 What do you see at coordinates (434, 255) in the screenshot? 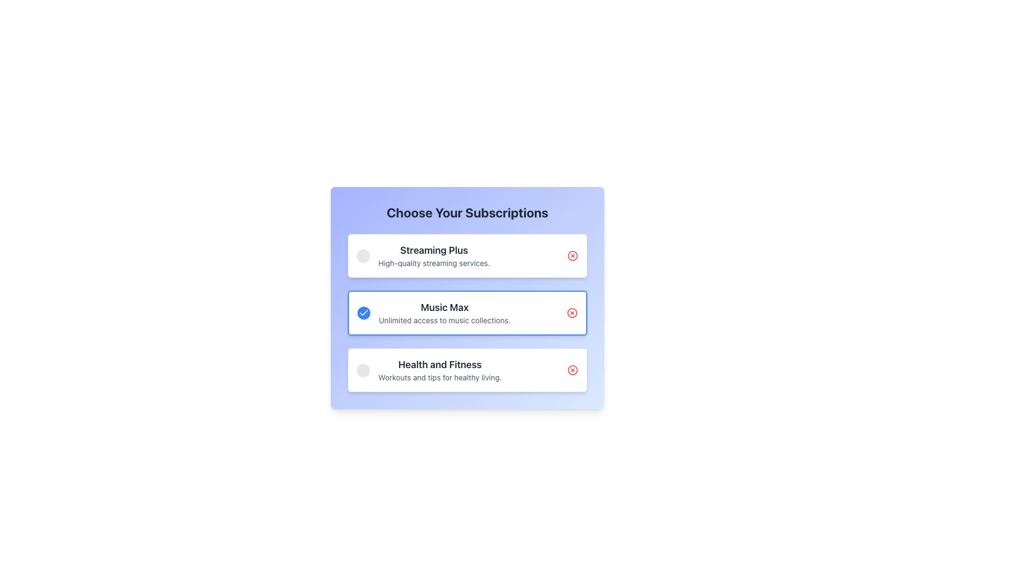
I see `the 'Streaming Plus' subscription option text block, which is located in the first card of a vertical list of three cards within the subscription selection interface` at bounding box center [434, 255].